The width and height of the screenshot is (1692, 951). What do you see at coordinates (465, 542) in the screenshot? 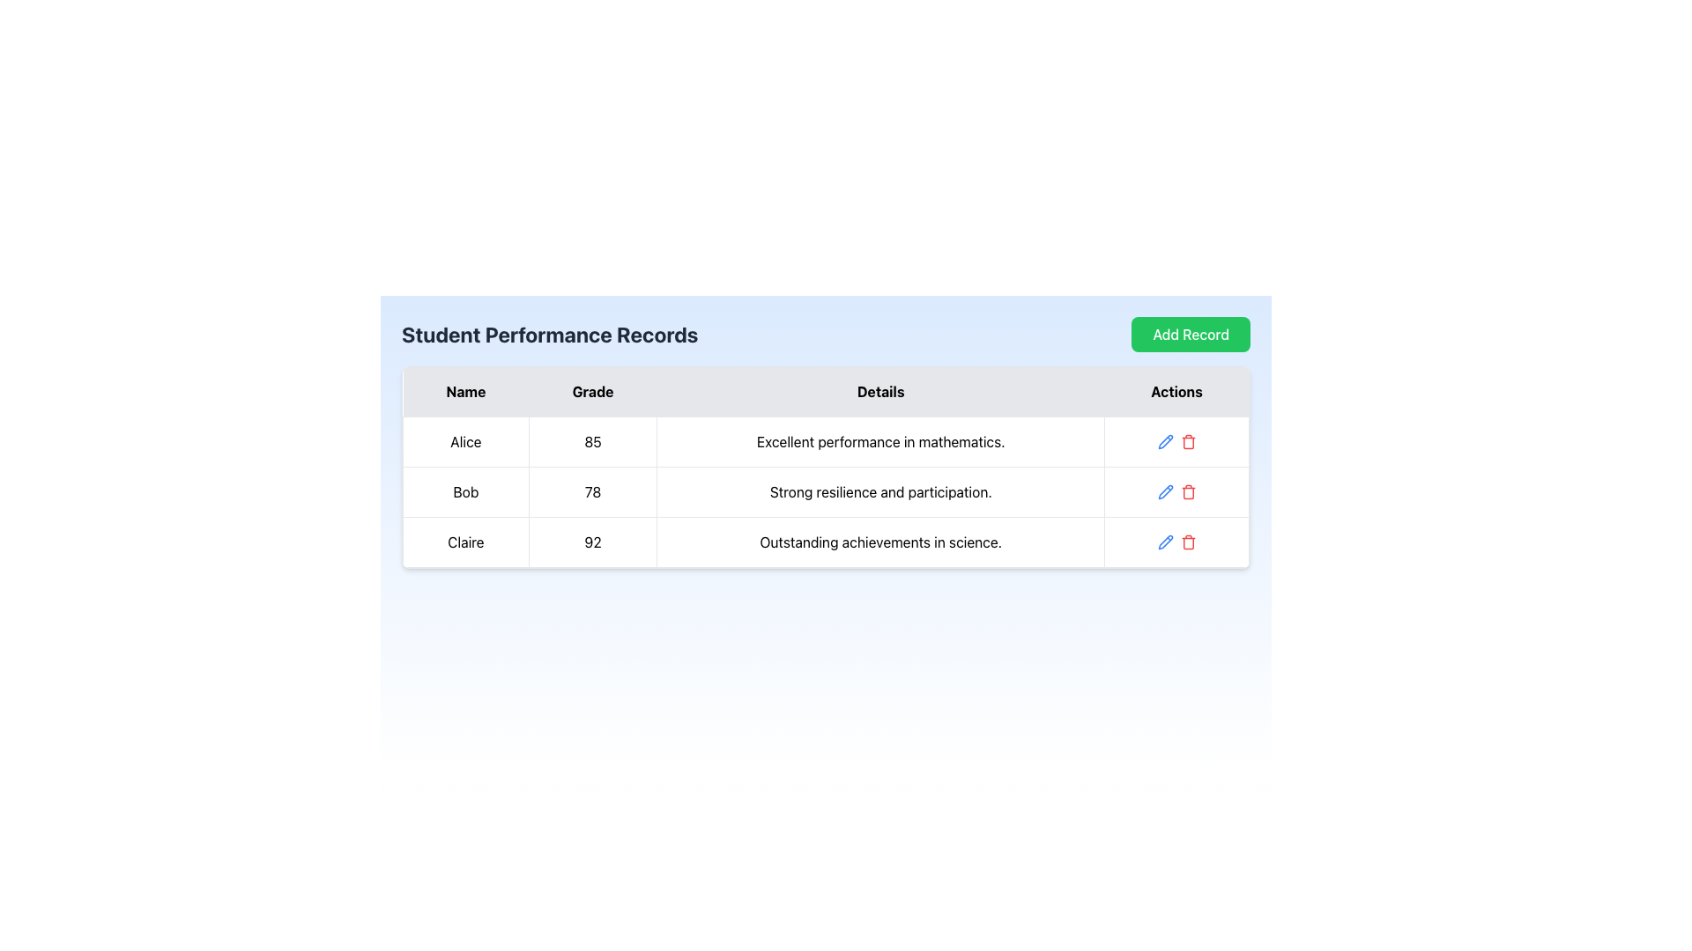
I see `the text label displaying the name 'Claire' in the third row of the records table under the 'Name' column` at bounding box center [465, 542].